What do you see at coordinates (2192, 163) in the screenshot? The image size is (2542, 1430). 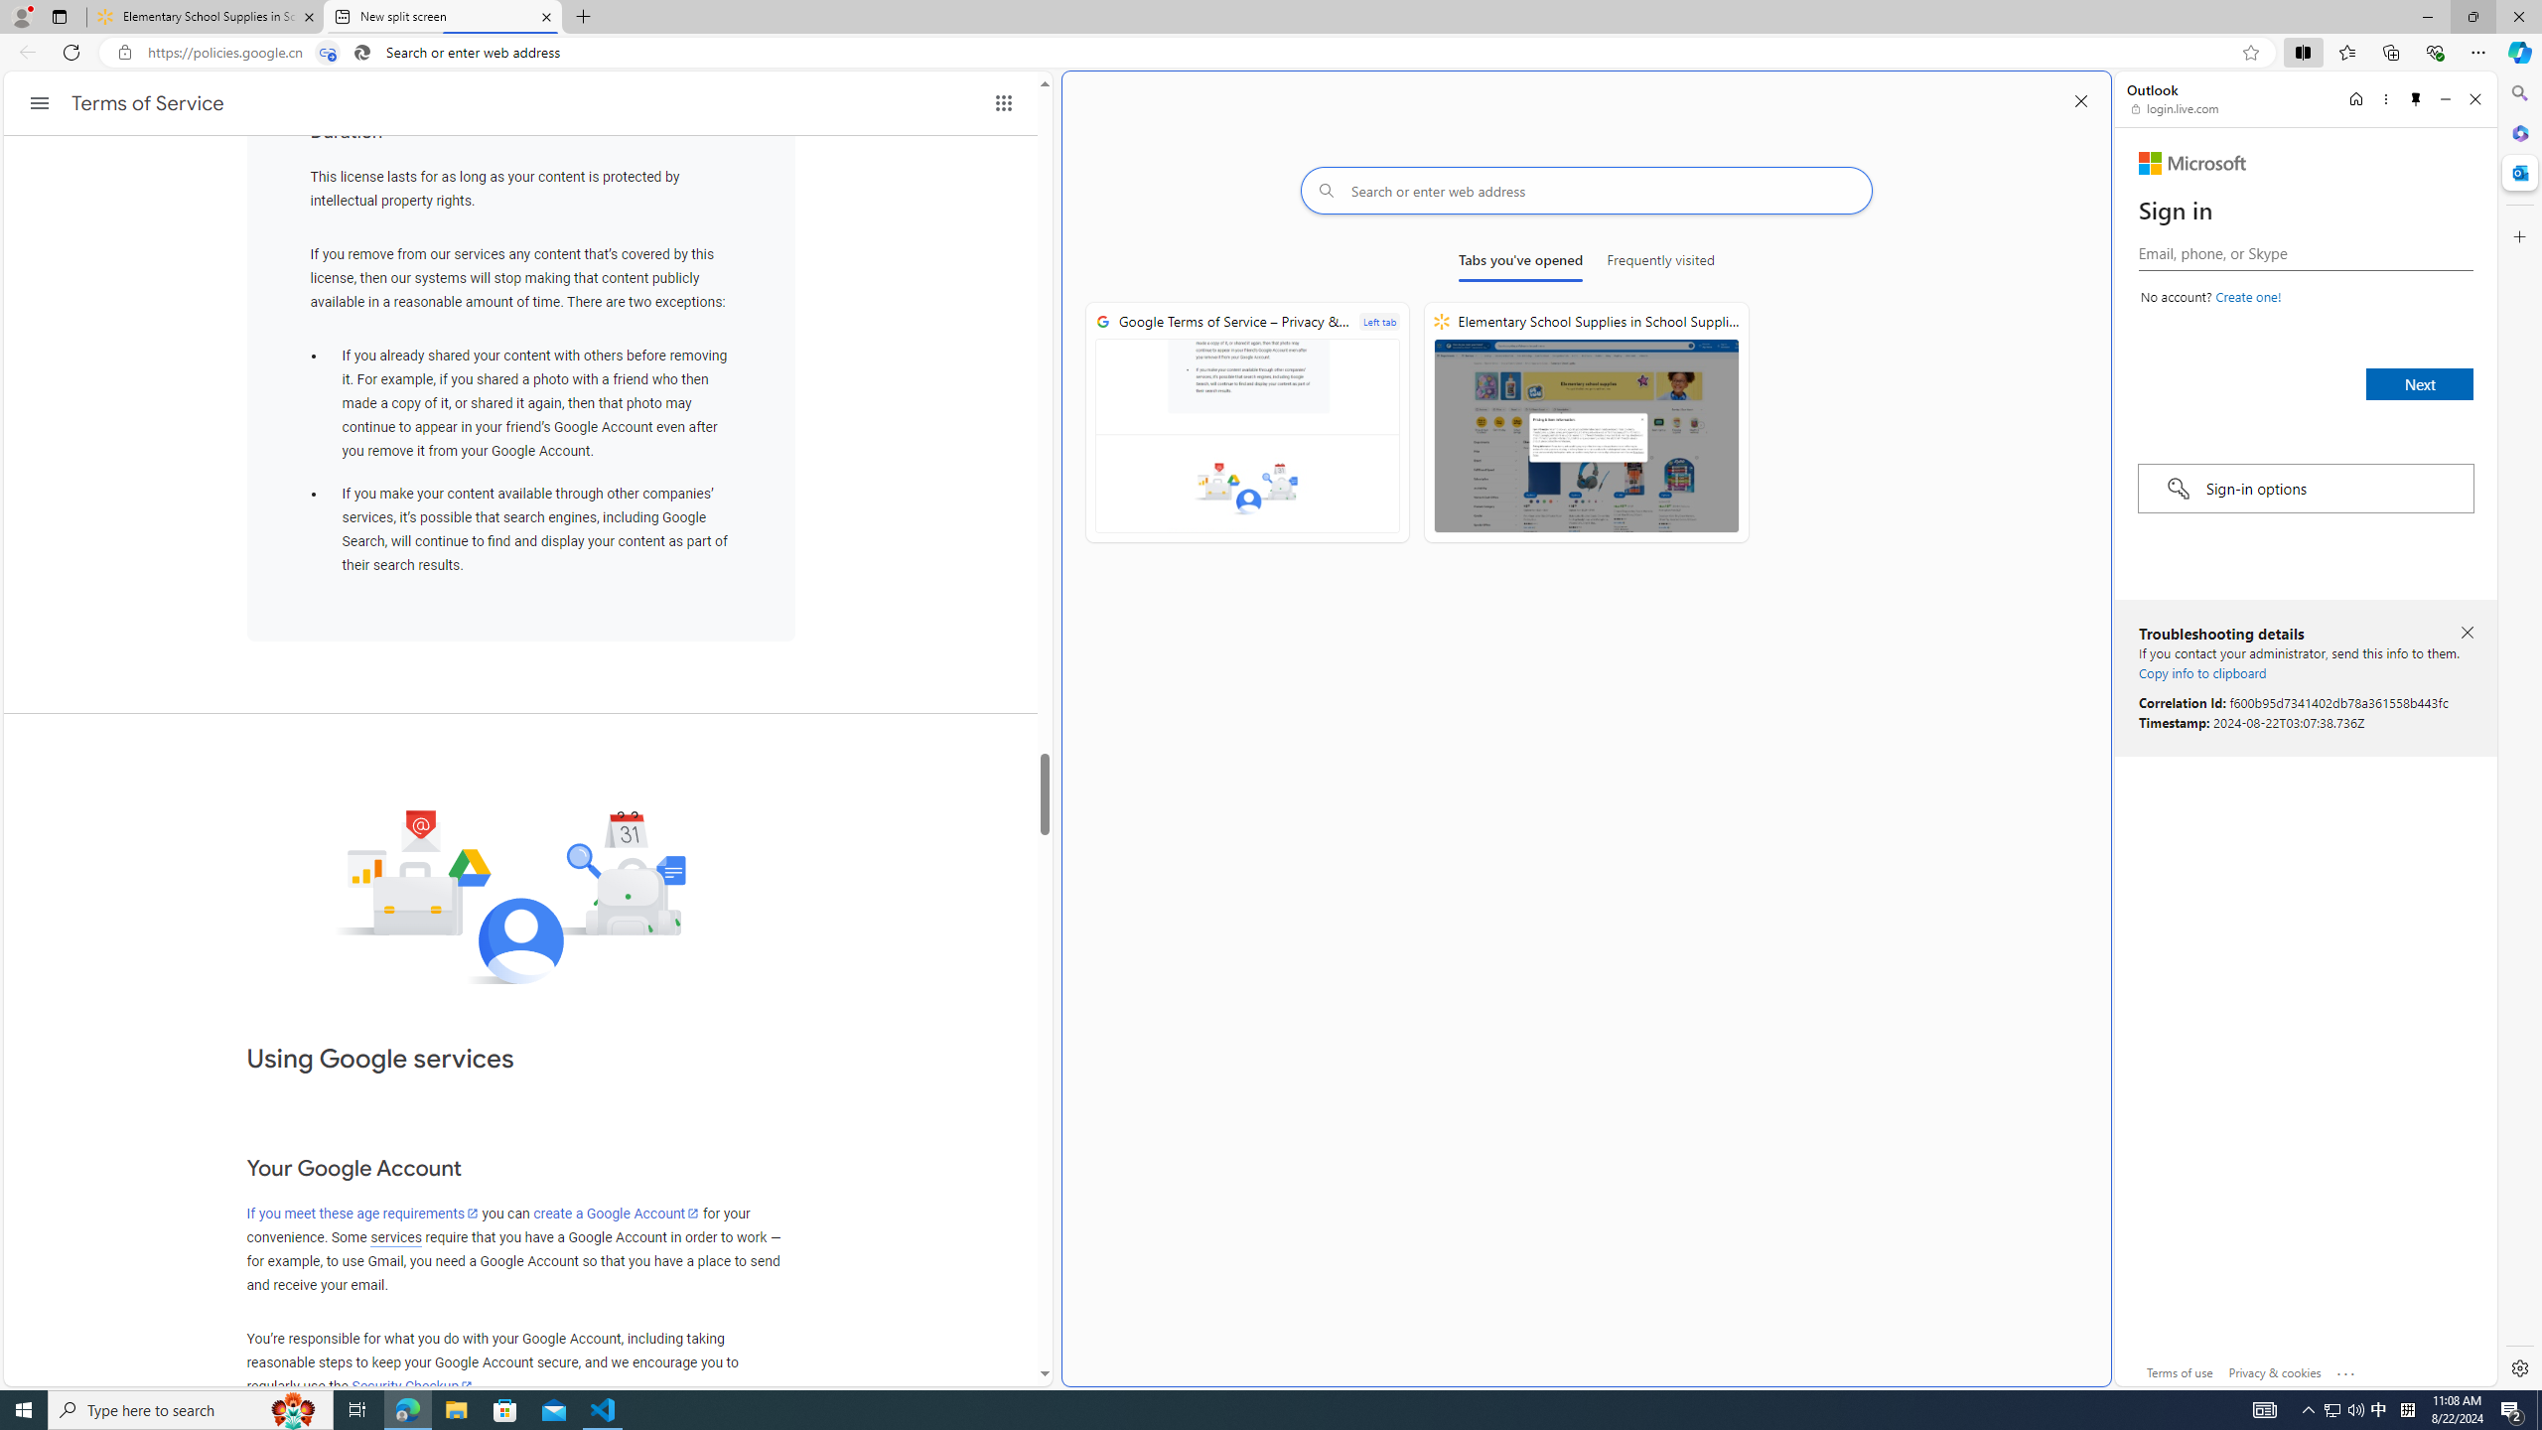 I see `'Microsoft'` at bounding box center [2192, 163].